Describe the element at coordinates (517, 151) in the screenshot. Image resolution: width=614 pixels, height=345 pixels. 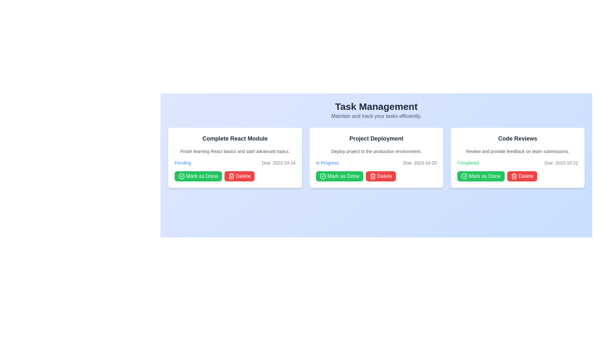
I see `the descriptive text element displaying 'Review and provide feedback on team submissions.' located below the 'Code Reviews' title` at that location.